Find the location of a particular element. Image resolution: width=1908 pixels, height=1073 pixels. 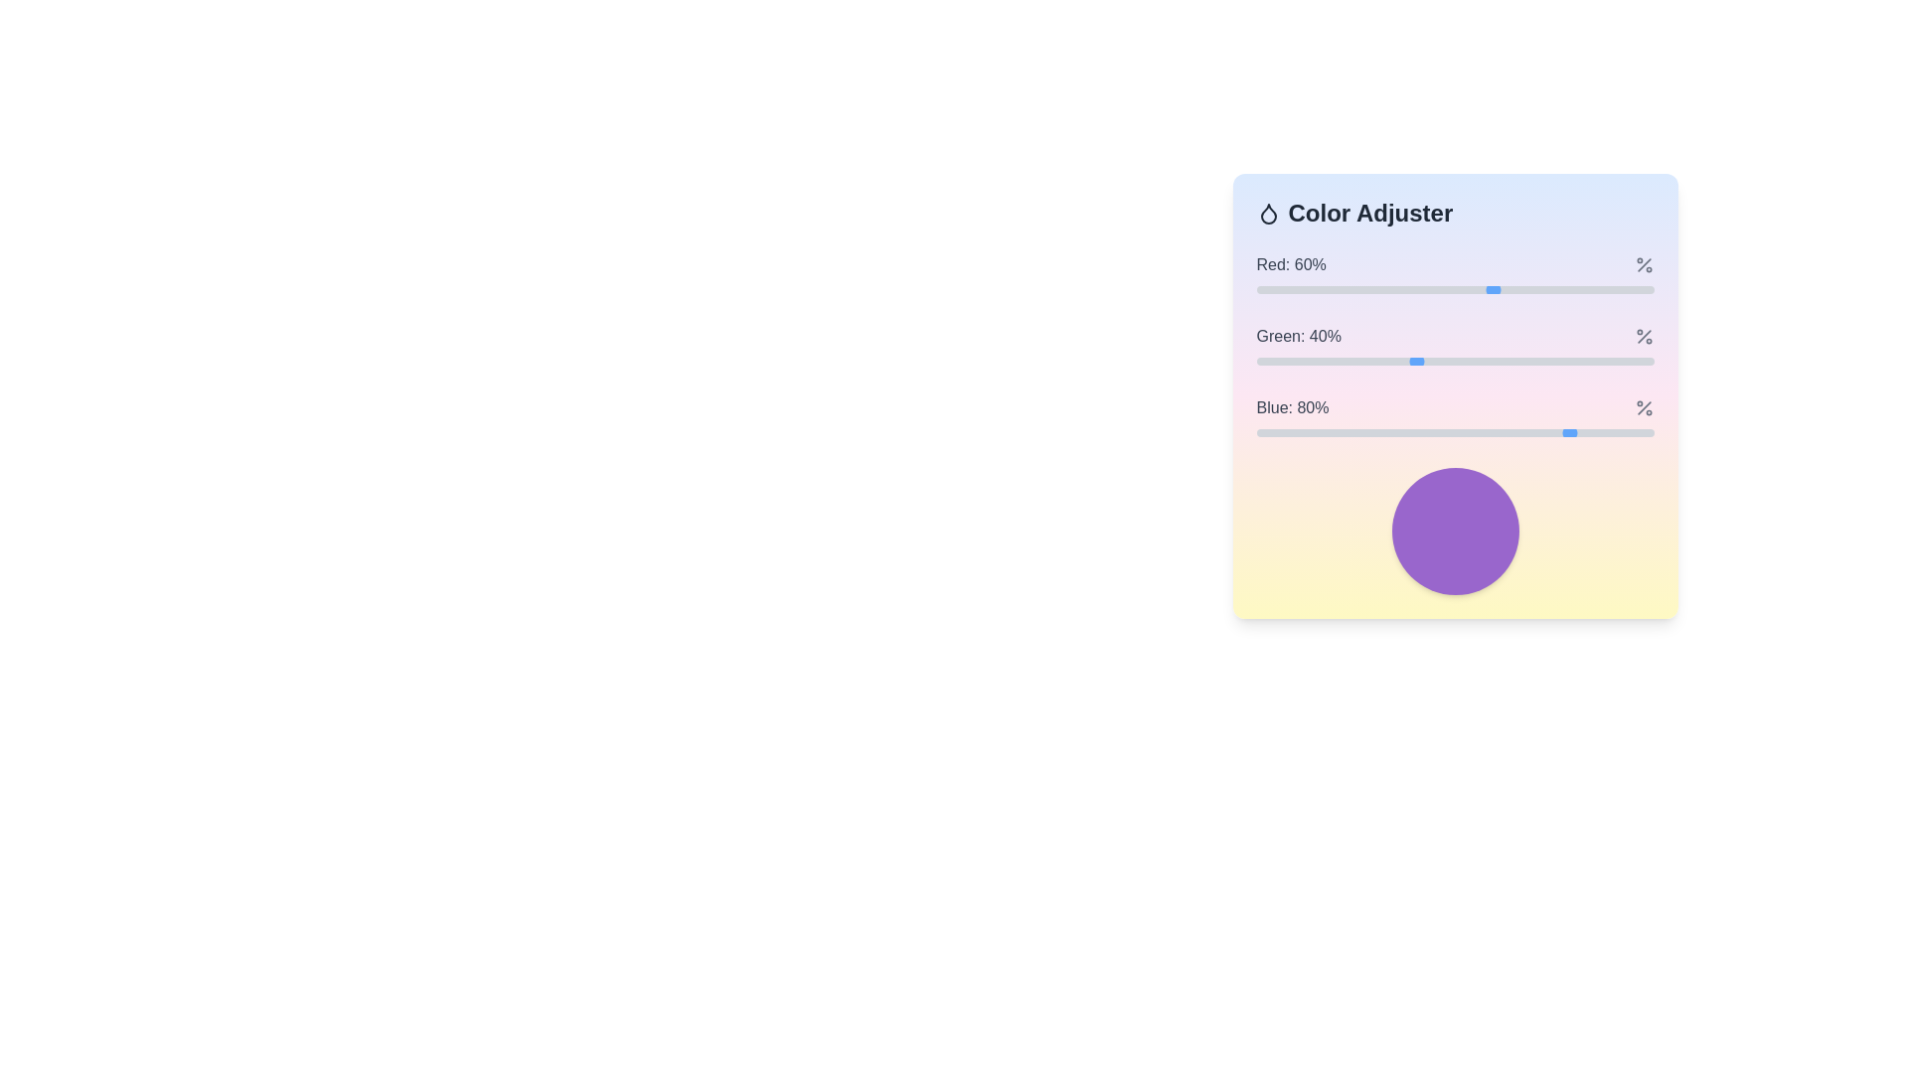

the red color level to 66% by moving the slider is located at coordinates (1517, 290).